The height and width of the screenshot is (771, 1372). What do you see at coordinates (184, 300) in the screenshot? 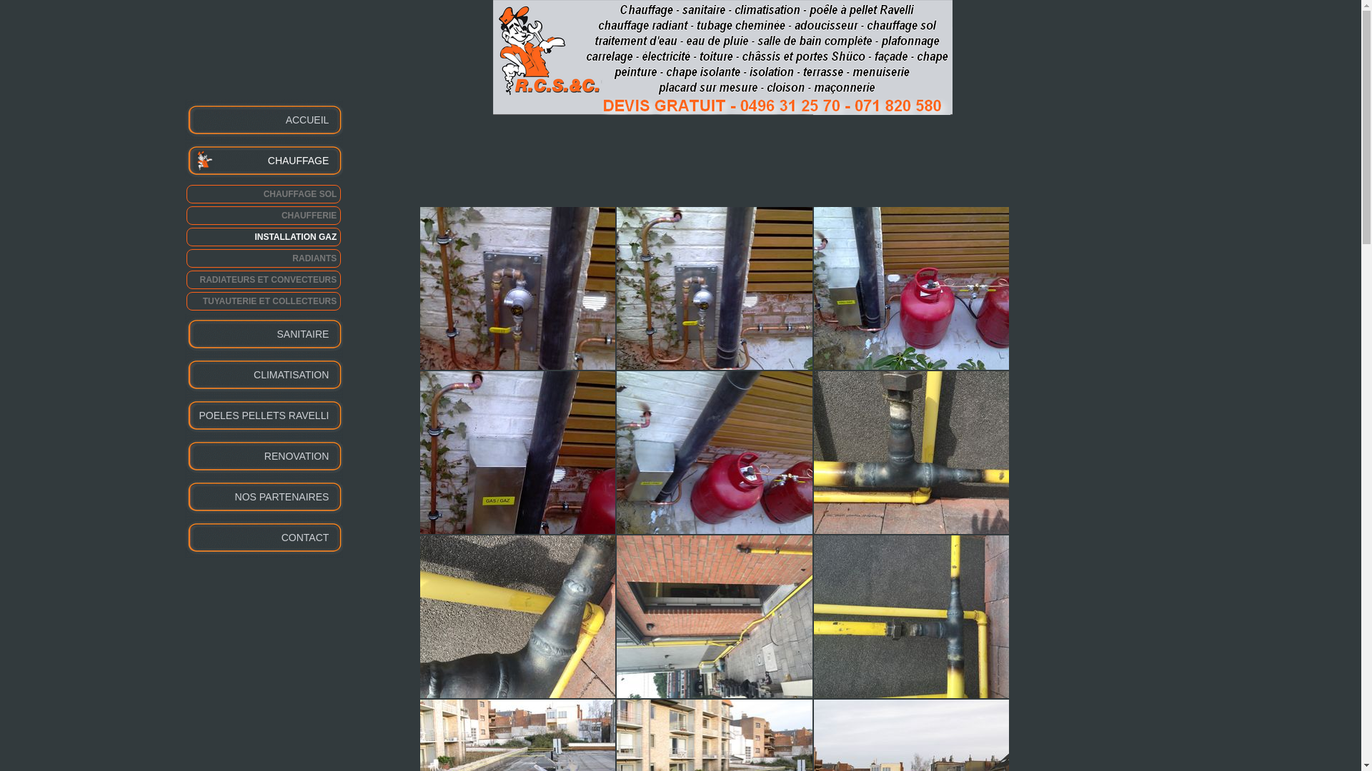
I see `'TUYAUTERIE ET COLLECTEURS'` at bounding box center [184, 300].